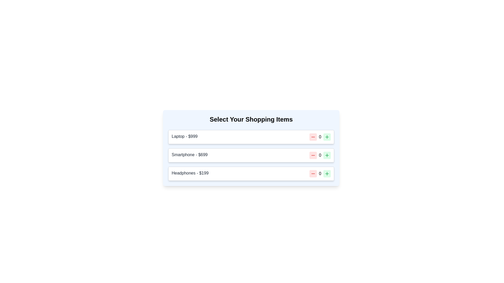  I want to click on the increment button for the 'Headphones - $199' item to increase the quantity by one unit, so click(327, 174).